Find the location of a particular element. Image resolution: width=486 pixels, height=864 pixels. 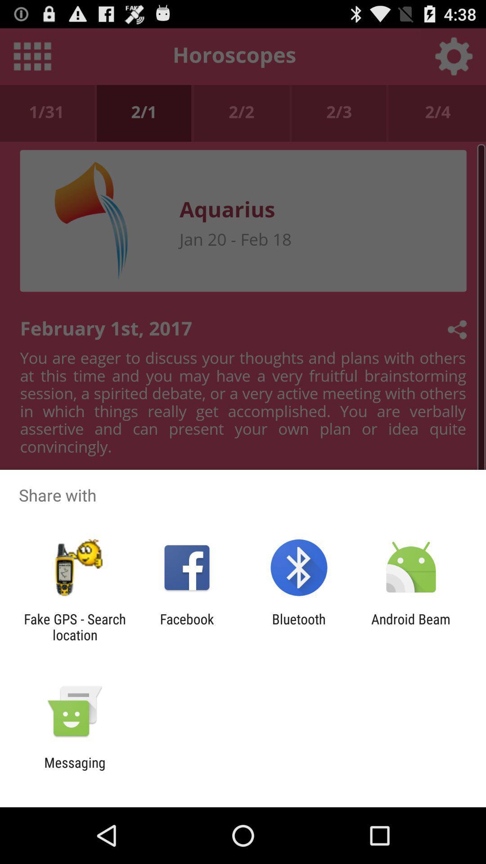

item to the left of the android beam item is located at coordinates (299, 626).